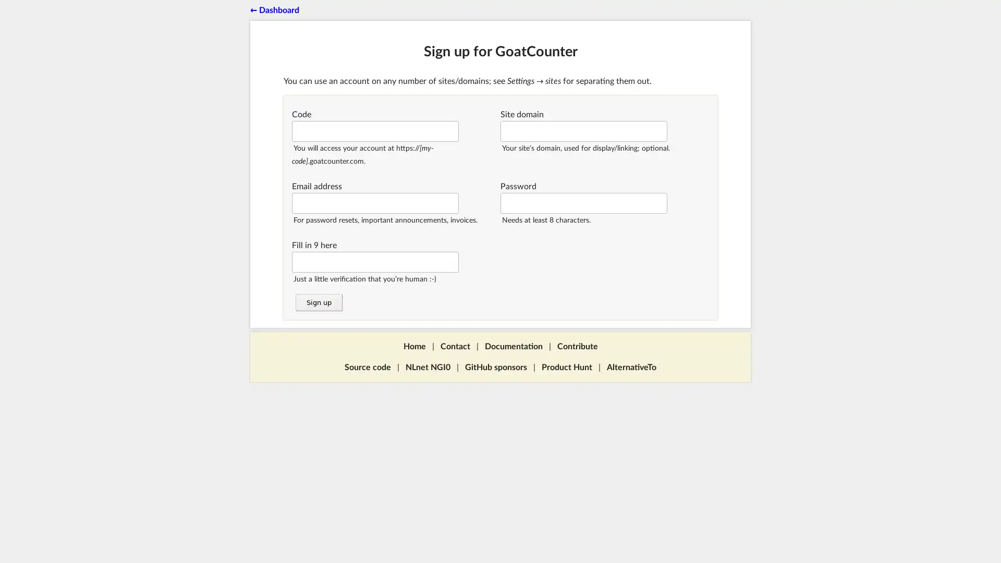 This screenshot has width=1001, height=563. Describe the element at coordinates (318, 302) in the screenshot. I see `Sign up` at that location.